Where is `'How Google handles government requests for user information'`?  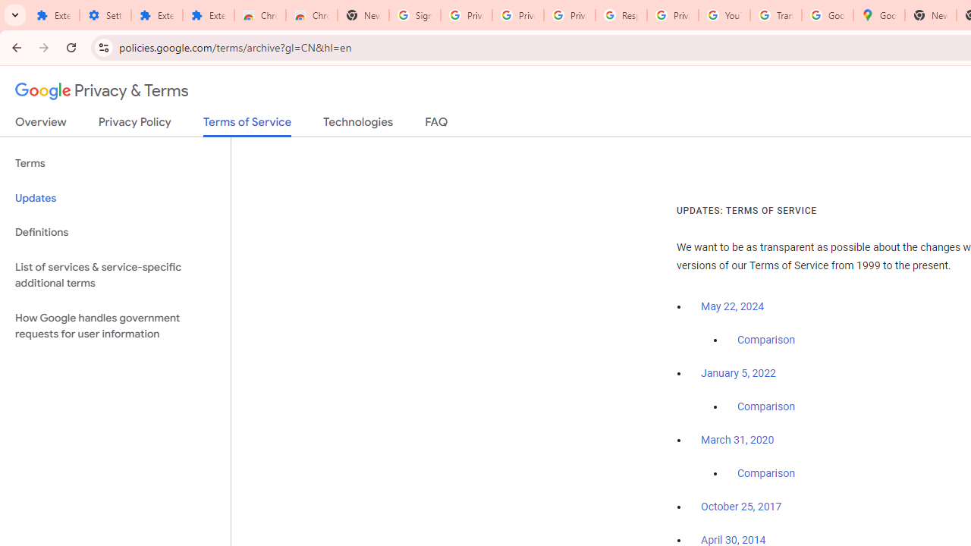 'How Google handles government requests for user information' is located at coordinates (115, 325).